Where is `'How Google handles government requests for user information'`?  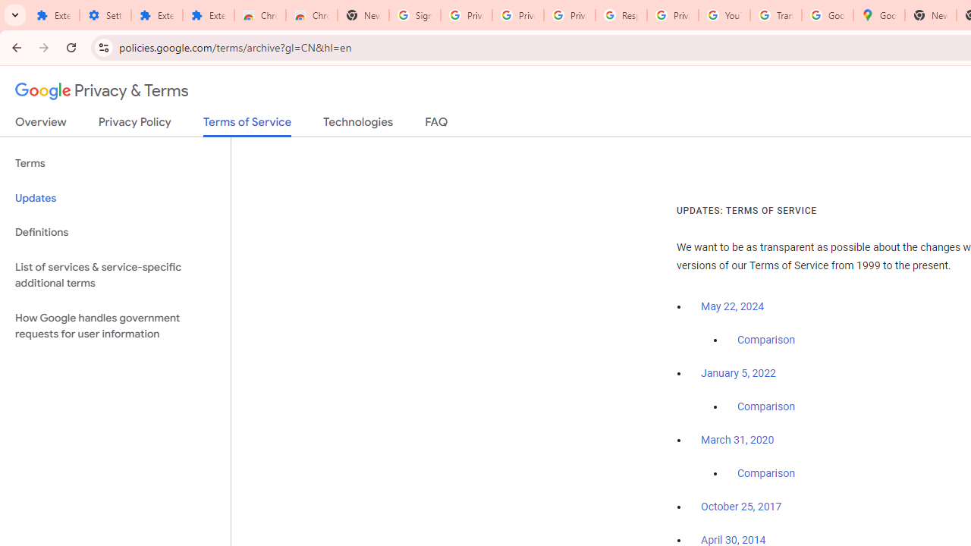 'How Google handles government requests for user information' is located at coordinates (115, 325).